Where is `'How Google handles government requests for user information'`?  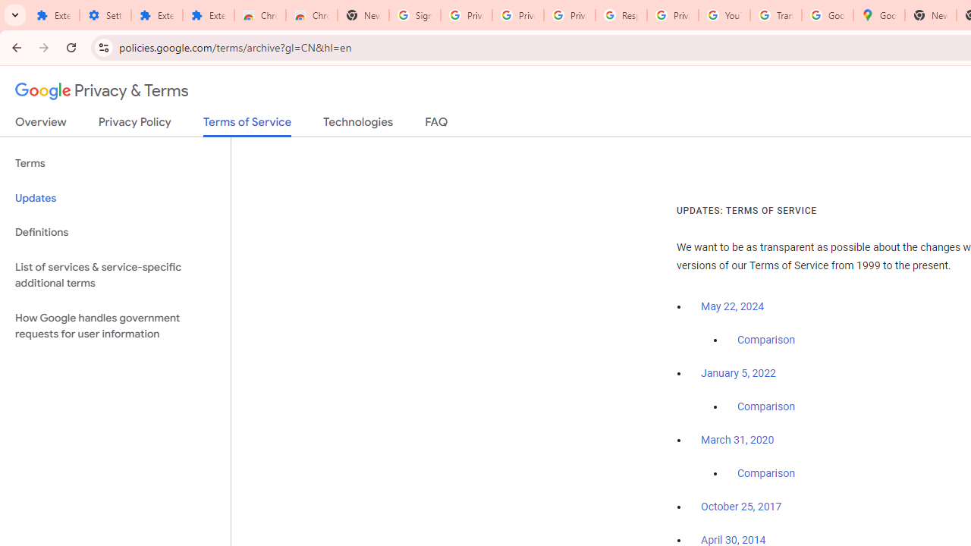 'How Google handles government requests for user information' is located at coordinates (115, 325).